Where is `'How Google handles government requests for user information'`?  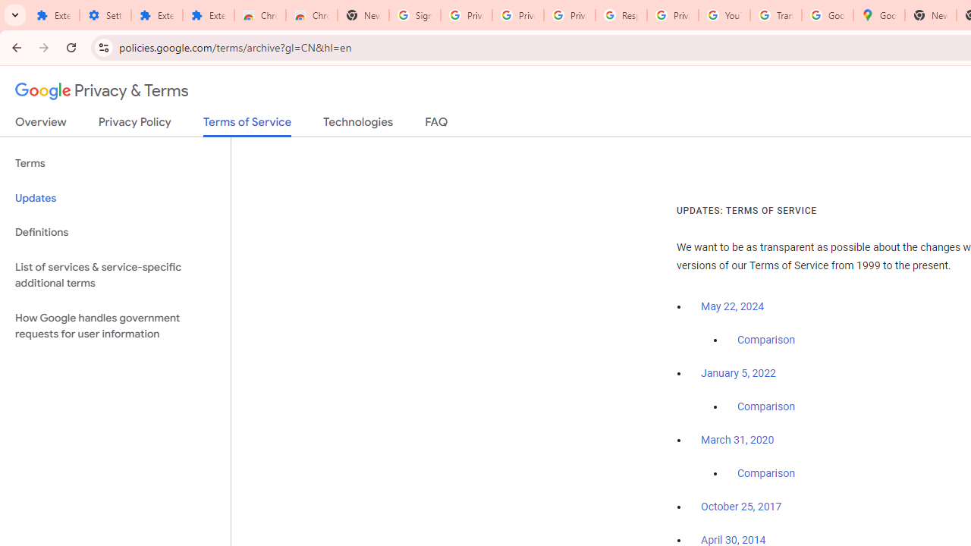 'How Google handles government requests for user information' is located at coordinates (115, 325).